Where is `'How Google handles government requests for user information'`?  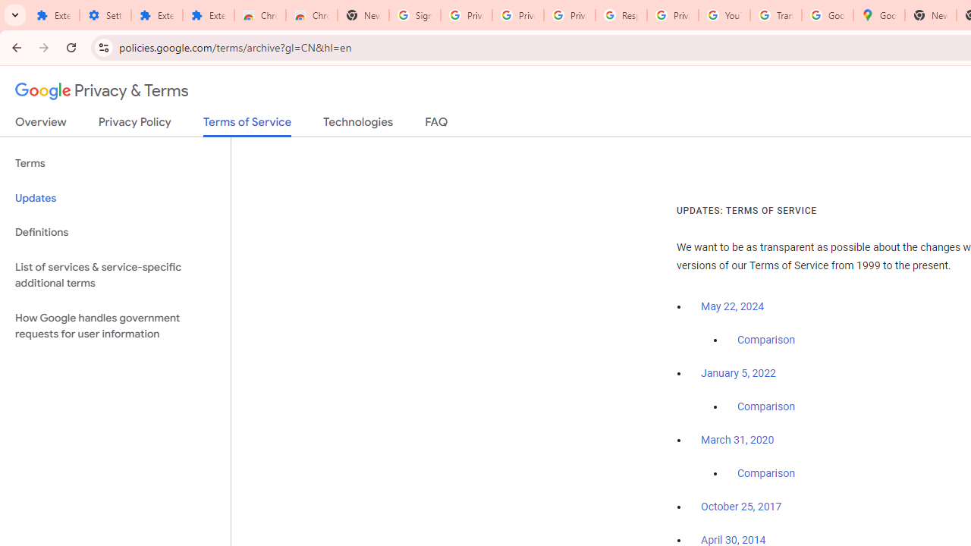 'How Google handles government requests for user information' is located at coordinates (115, 325).